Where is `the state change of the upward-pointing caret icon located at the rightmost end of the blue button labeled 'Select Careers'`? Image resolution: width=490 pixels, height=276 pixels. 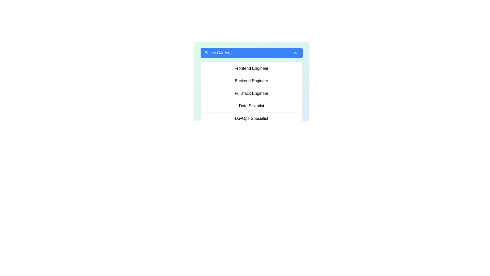 the state change of the upward-pointing caret icon located at the rightmost end of the blue button labeled 'Select Careers' is located at coordinates (295, 53).